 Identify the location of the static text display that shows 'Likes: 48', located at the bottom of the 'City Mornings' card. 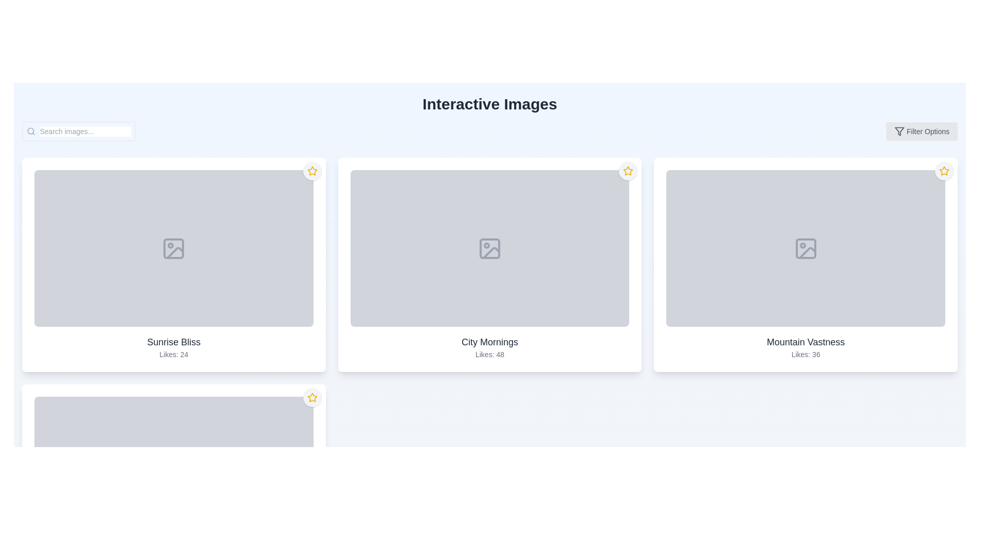
(489, 354).